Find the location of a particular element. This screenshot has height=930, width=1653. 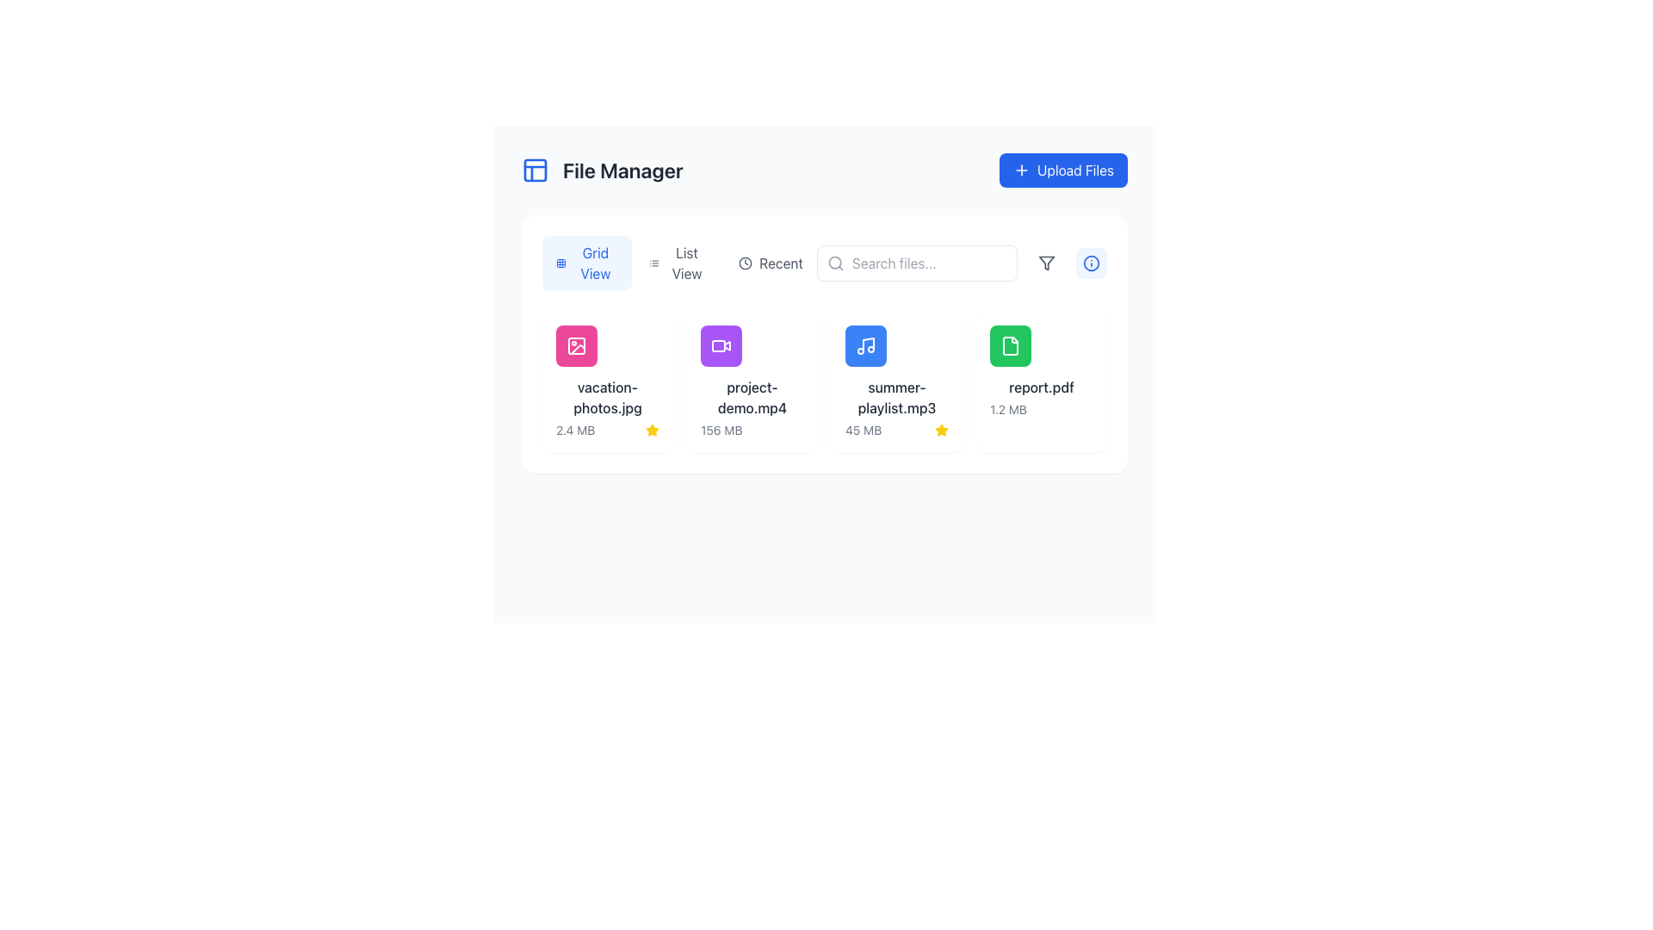

the 'File Manager' label with the blue icon on the left, located in the top-left area of the interface, adjacent to the 'Upload Files' button is located at coordinates (602, 170).